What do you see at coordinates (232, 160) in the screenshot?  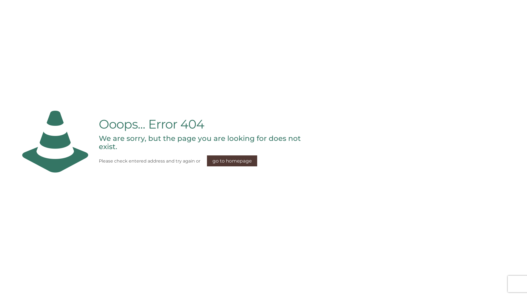 I see `'go to homepage'` at bounding box center [232, 160].